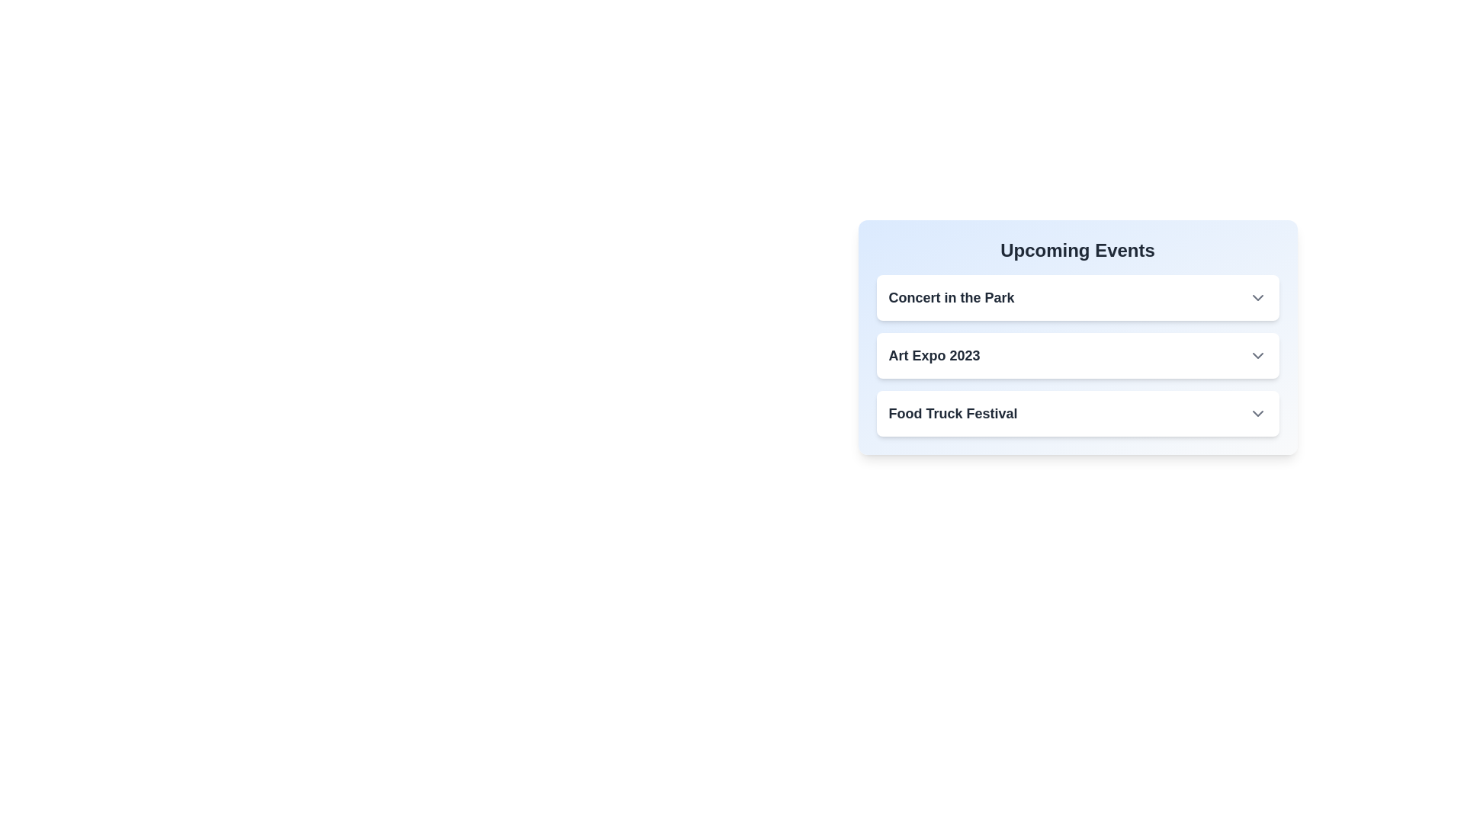 The image size is (1464, 823). What do you see at coordinates (1257, 297) in the screenshot?
I see `the toggle button for Concert in the Park to expand or collapse its details` at bounding box center [1257, 297].